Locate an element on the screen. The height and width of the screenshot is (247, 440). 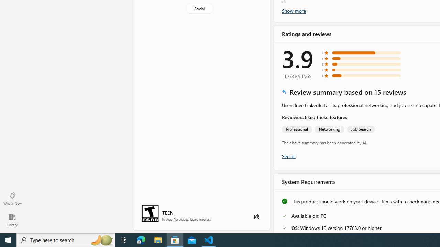
'Show more' is located at coordinates (294, 11).